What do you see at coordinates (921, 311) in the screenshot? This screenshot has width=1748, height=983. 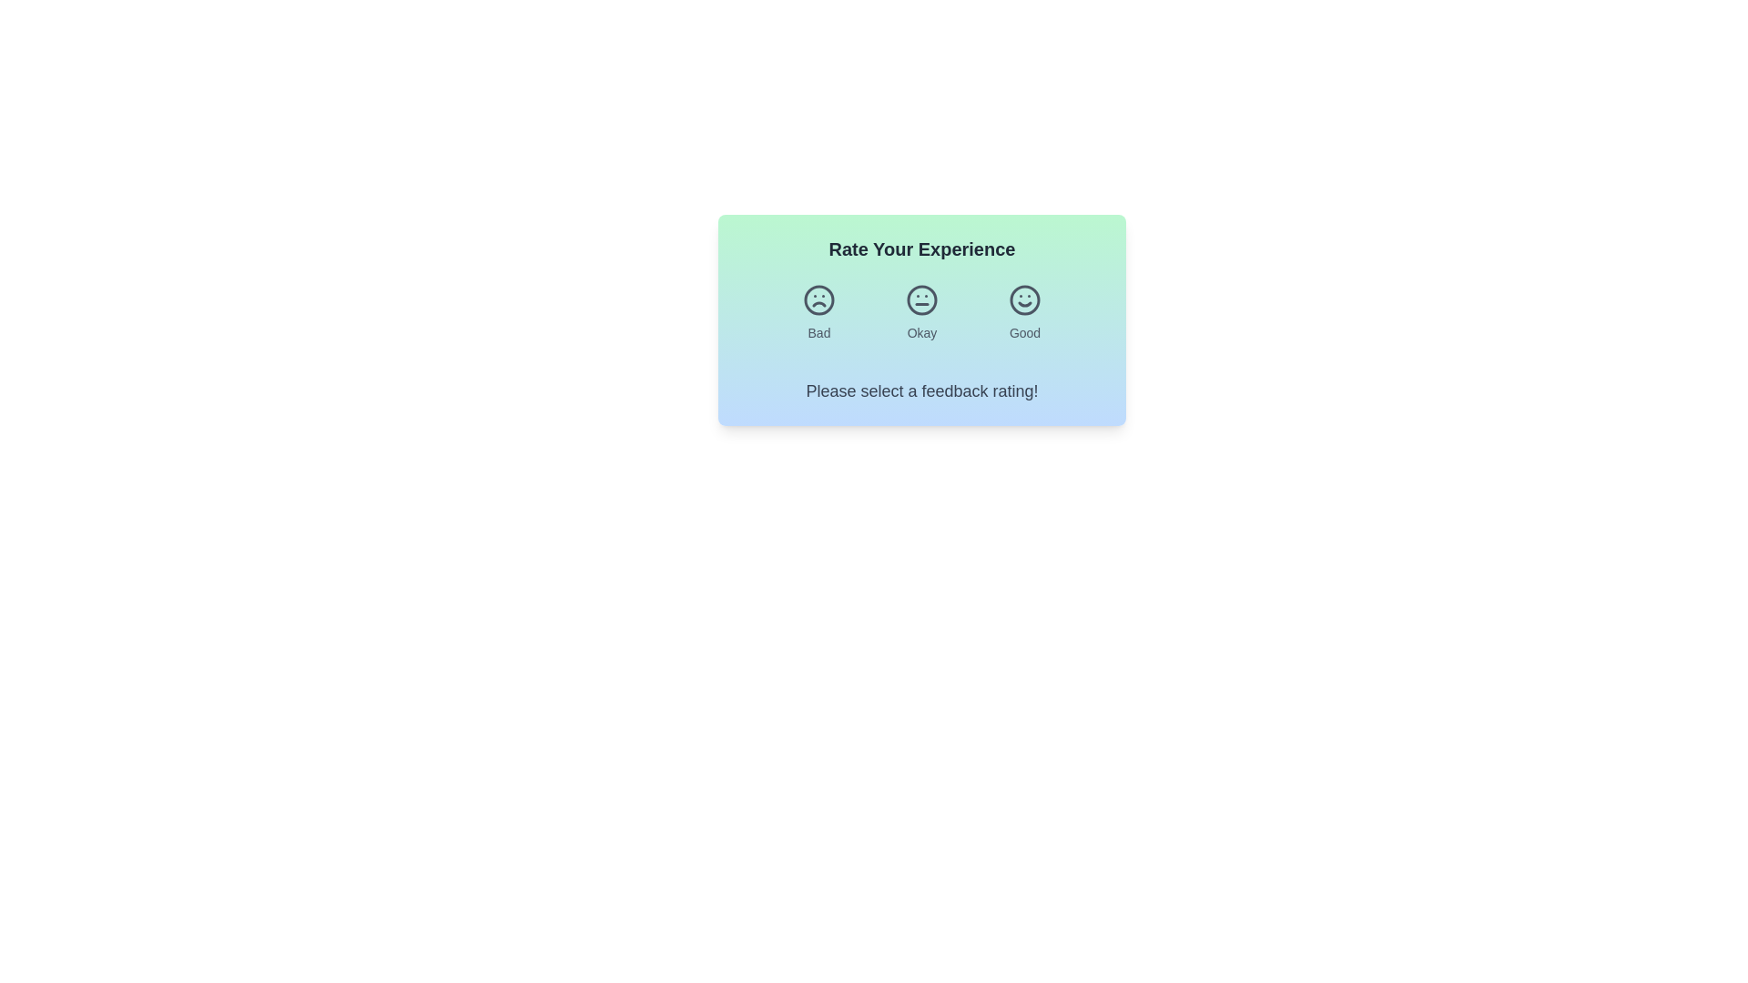 I see `the feedback button labeled Okay` at bounding box center [921, 311].